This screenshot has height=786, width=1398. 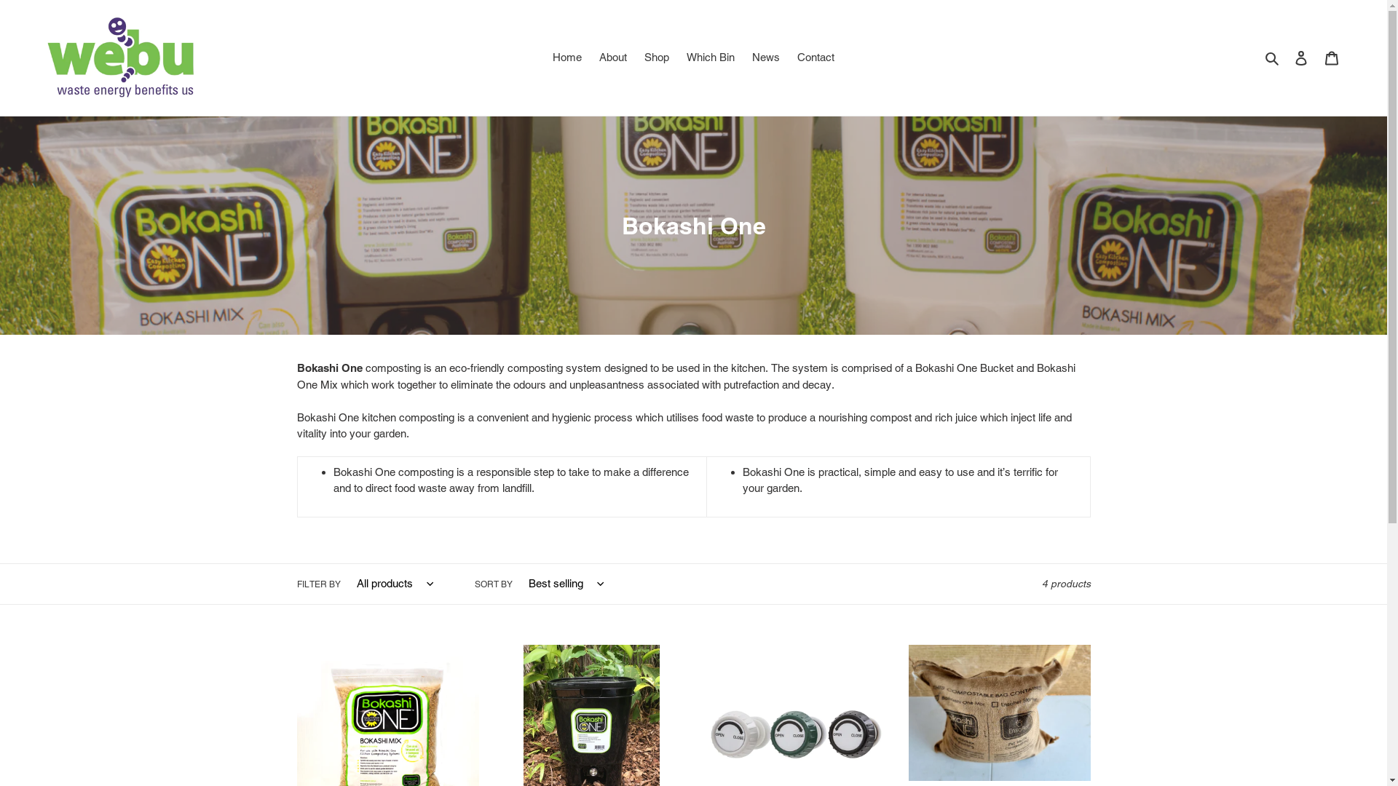 I want to click on 'Cart', so click(x=1331, y=57).